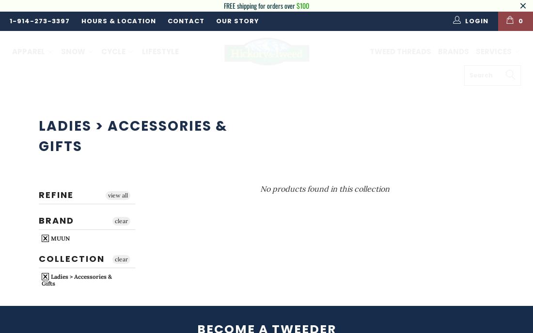  I want to click on 'MUUN', so click(59, 237).